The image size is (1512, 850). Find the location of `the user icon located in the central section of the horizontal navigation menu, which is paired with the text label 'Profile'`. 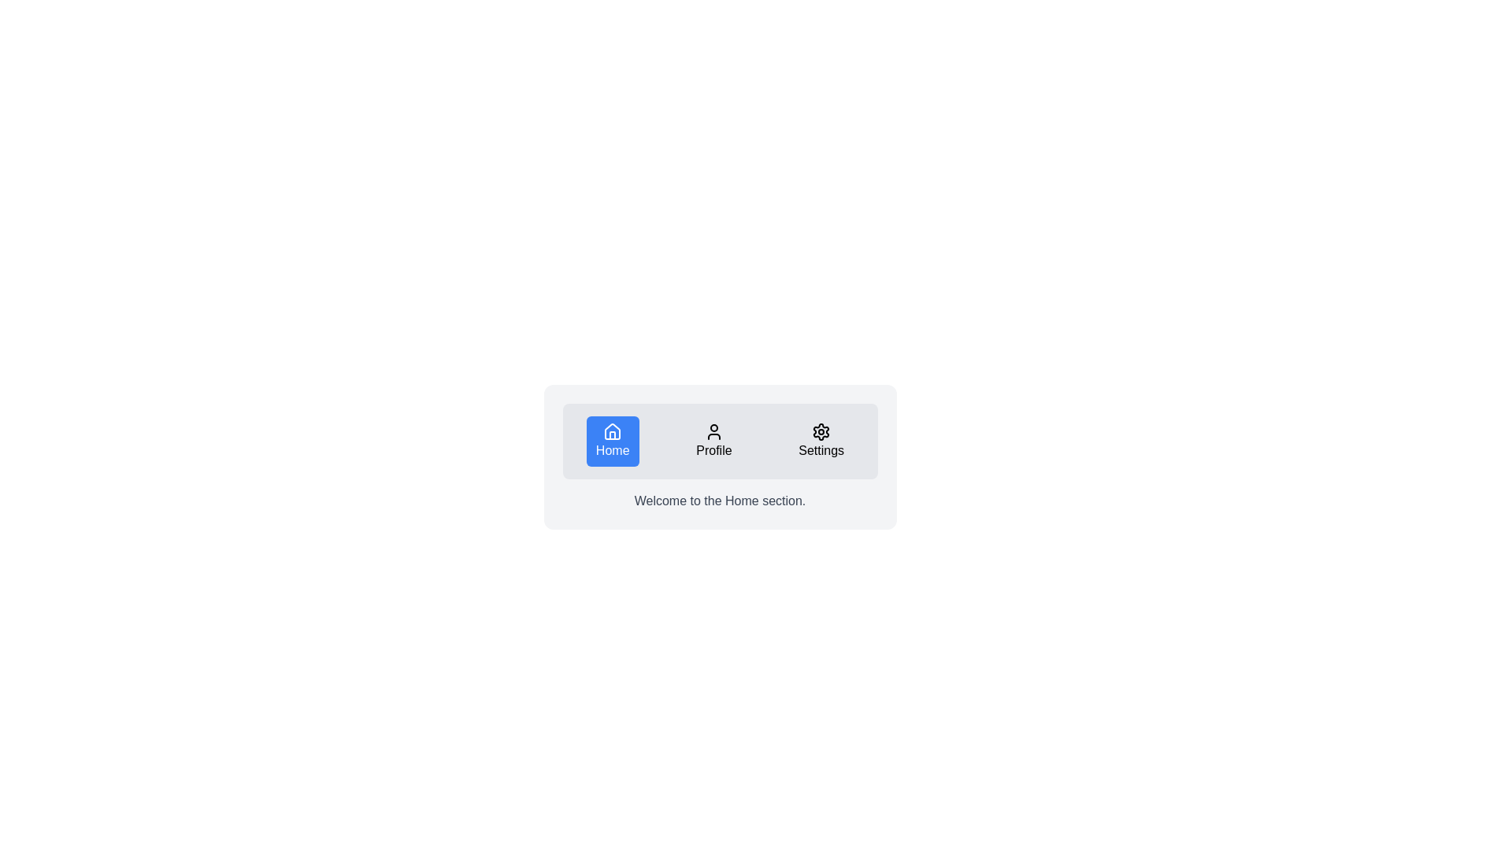

the user icon located in the central section of the horizontal navigation menu, which is paired with the text label 'Profile' is located at coordinates (713, 431).